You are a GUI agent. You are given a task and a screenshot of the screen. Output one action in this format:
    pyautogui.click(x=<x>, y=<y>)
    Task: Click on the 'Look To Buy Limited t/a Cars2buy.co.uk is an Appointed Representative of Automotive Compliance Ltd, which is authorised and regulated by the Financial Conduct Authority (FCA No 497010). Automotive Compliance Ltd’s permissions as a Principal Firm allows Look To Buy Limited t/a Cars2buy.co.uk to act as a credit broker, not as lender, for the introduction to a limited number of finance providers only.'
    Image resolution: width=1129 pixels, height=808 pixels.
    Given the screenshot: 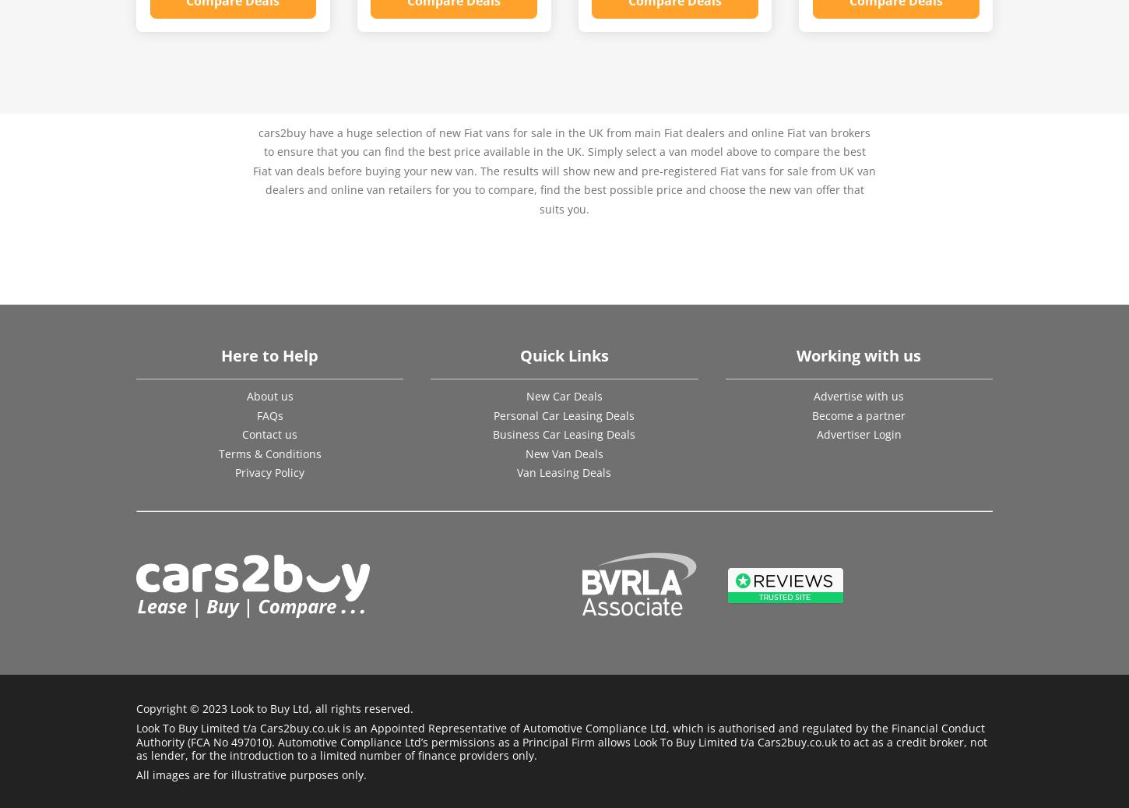 What is the action you would take?
    pyautogui.click(x=561, y=741)
    